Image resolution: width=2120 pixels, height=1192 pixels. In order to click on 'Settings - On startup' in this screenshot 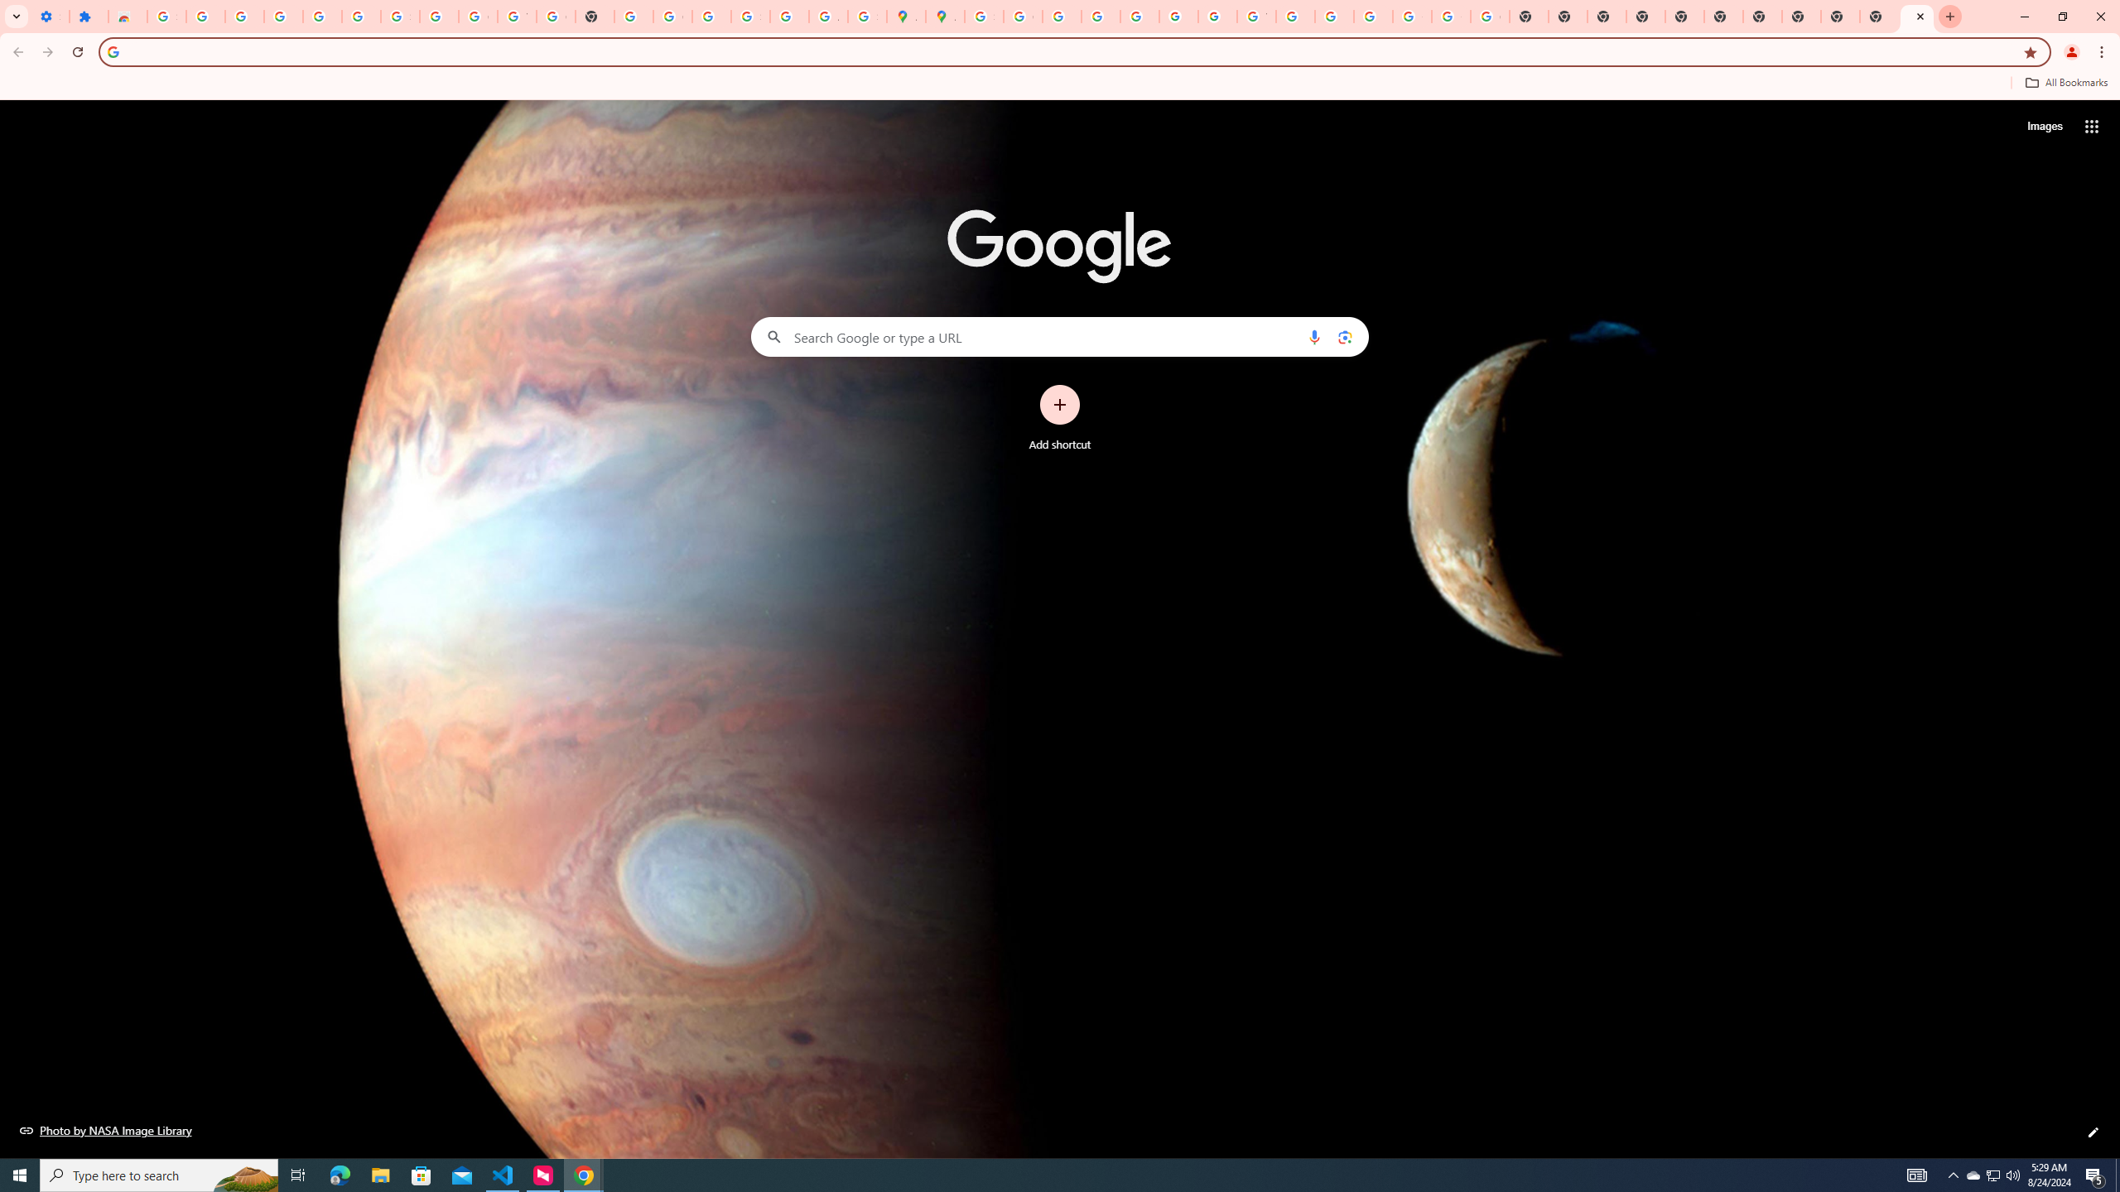, I will do `click(50, 16)`.